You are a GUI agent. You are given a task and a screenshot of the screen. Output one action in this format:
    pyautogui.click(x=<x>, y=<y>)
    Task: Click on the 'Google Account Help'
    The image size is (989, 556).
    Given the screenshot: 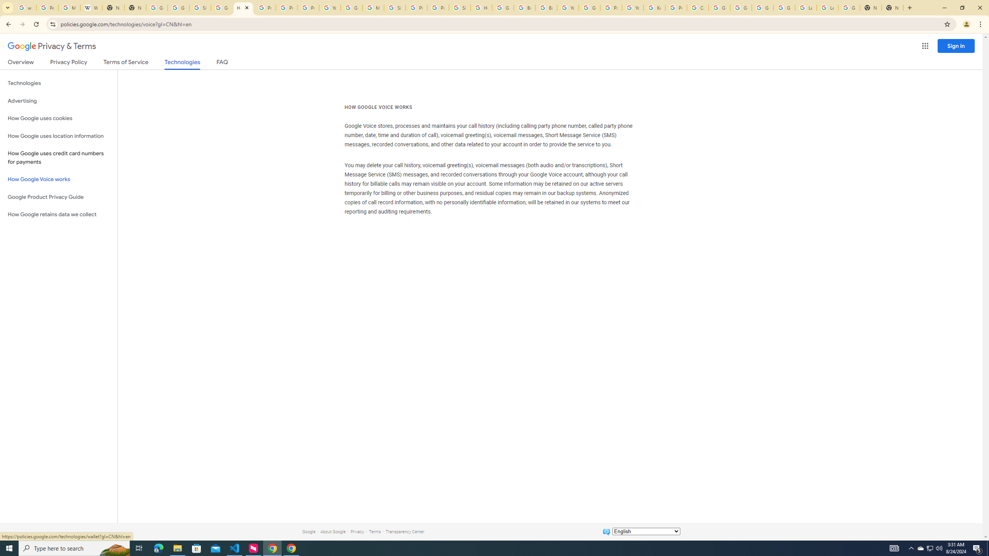 What is the action you would take?
    pyautogui.click(x=763, y=7)
    